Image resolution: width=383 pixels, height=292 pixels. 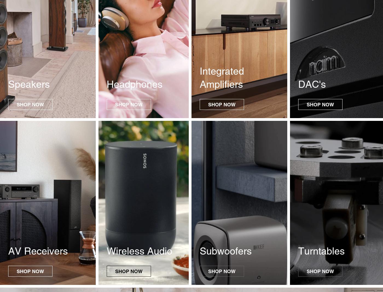 I want to click on 'DAC's', so click(x=312, y=84).